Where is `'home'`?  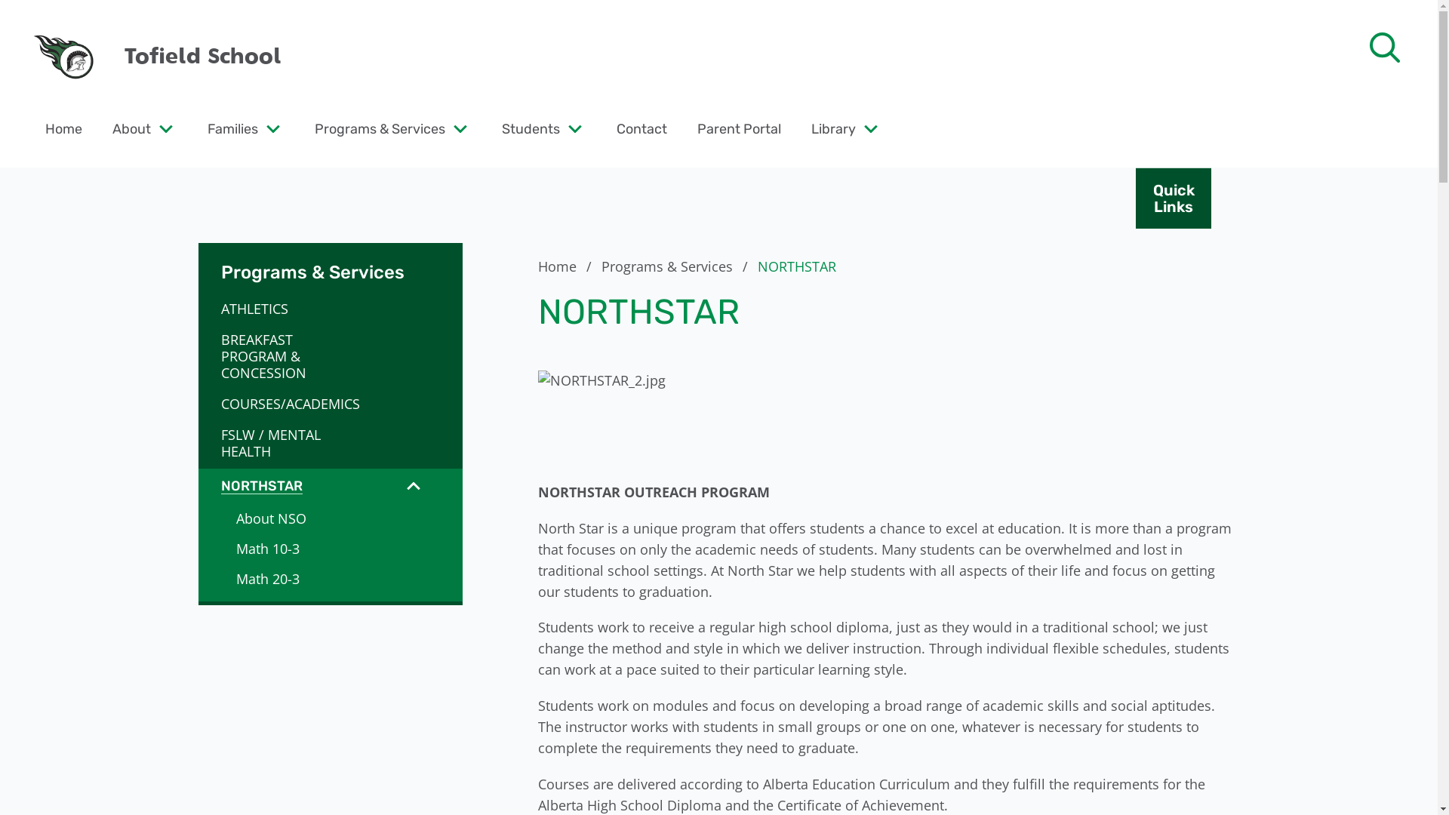 'home' is located at coordinates (63, 55).